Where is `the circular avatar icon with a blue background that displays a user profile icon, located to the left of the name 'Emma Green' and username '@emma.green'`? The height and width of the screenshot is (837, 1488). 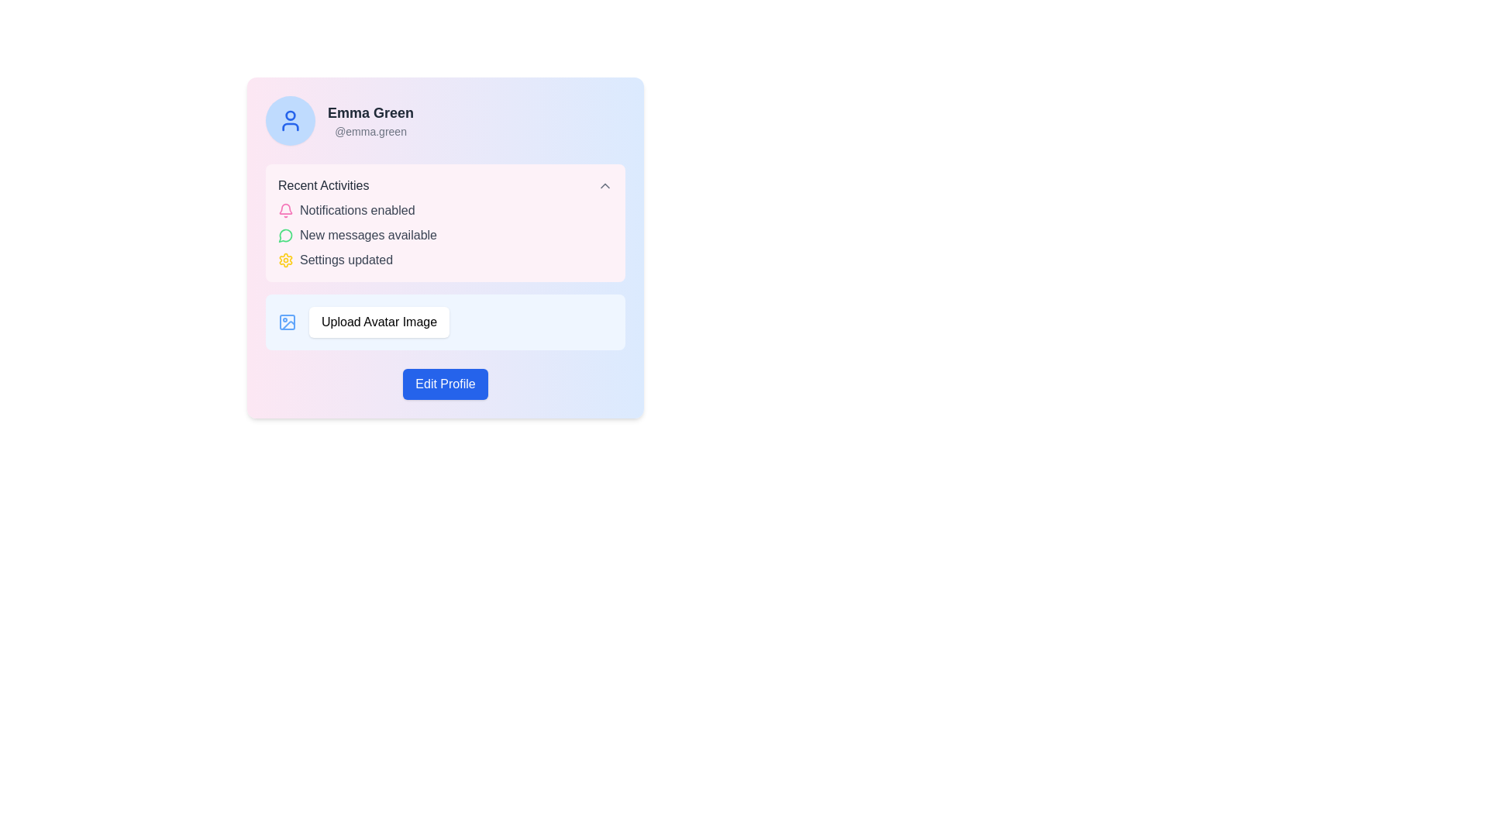
the circular avatar icon with a blue background that displays a user profile icon, located to the left of the name 'Emma Green' and username '@emma.green' is located at coordinates (290, 119).